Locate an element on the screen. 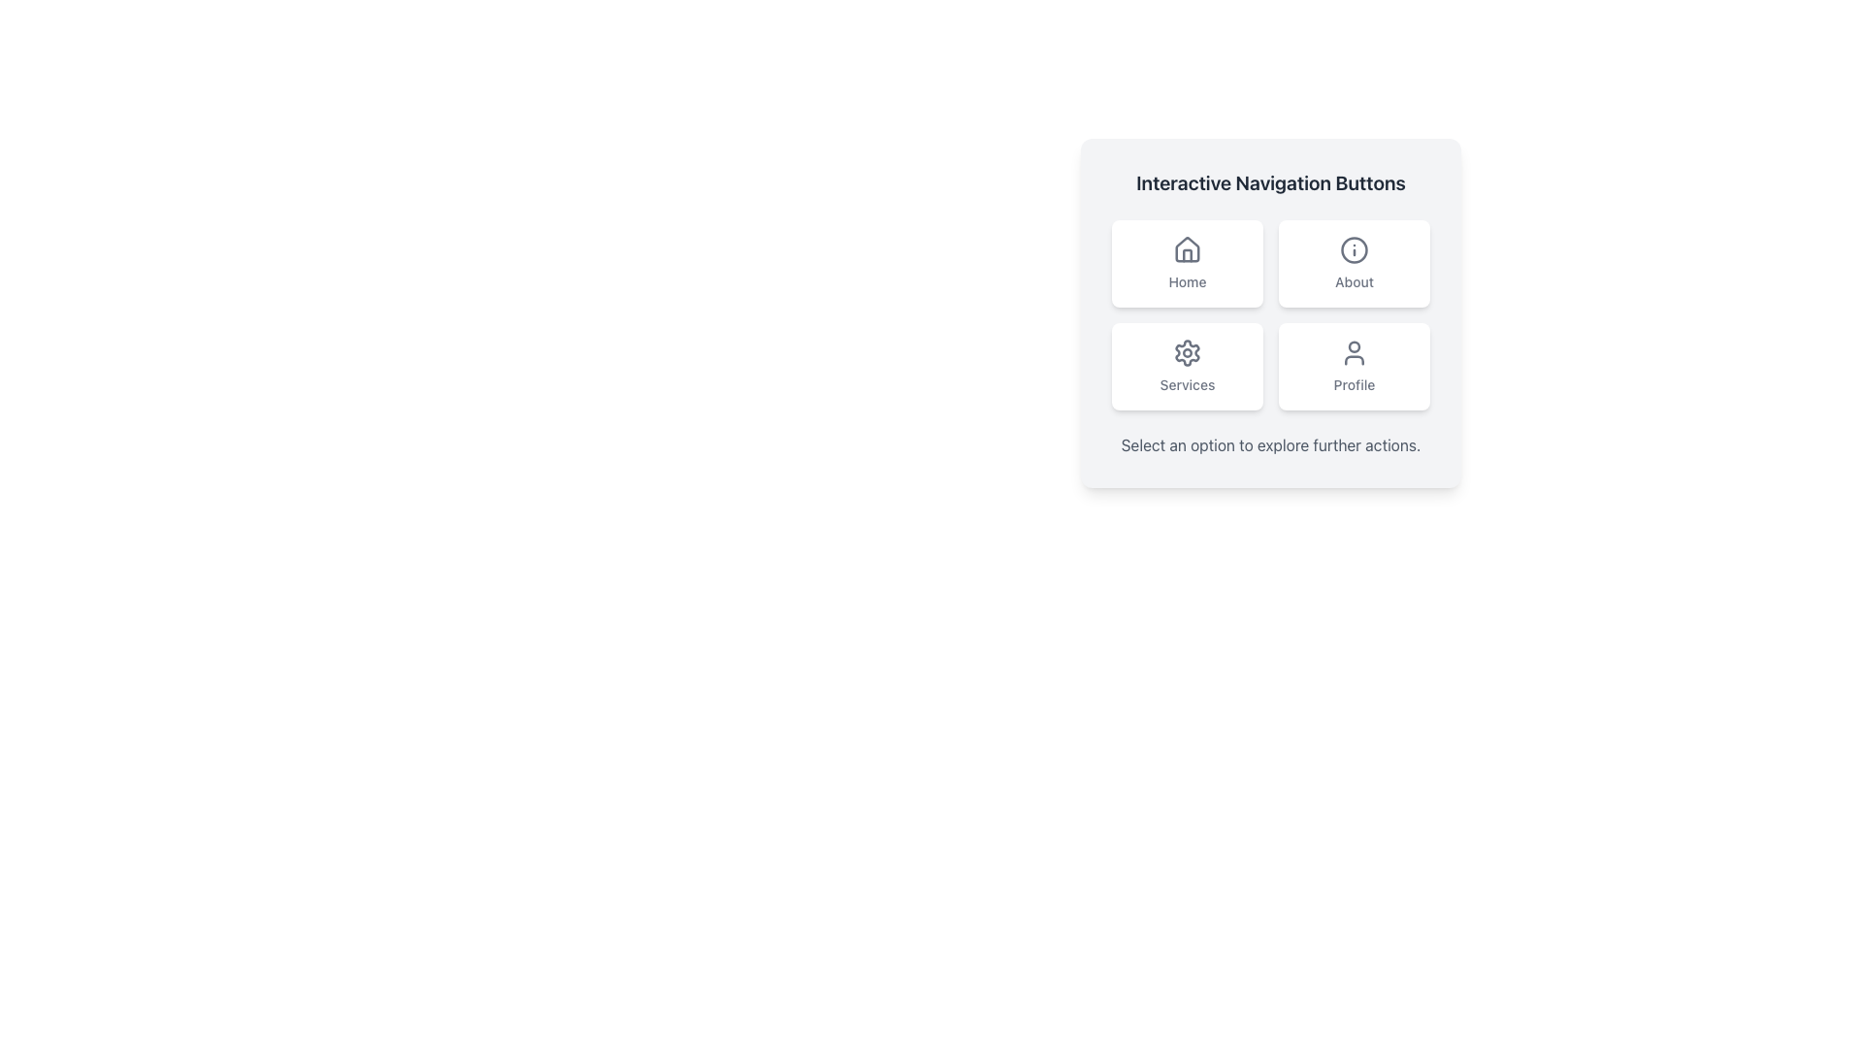 This screenshot has width=1863, height=1048. the gear icon representing settings for the 'Services' option located in the lower-left corner of the interactive navigation area is located at coordinates (1187, 352).